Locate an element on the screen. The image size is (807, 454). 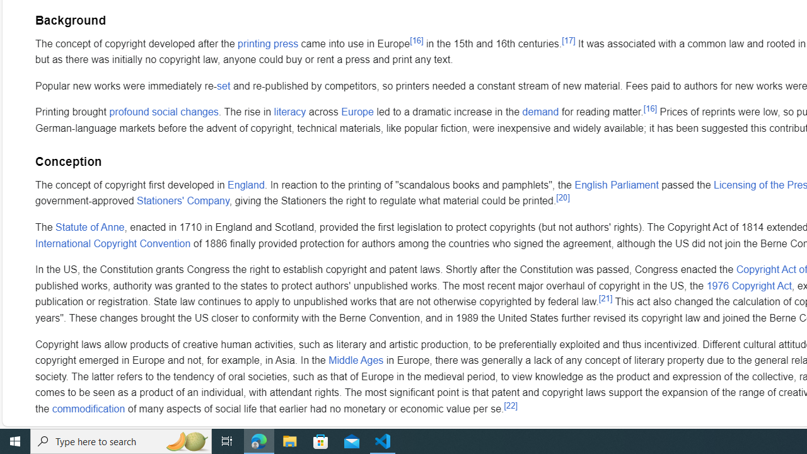
'demand' is located at coordinates (540, 112).